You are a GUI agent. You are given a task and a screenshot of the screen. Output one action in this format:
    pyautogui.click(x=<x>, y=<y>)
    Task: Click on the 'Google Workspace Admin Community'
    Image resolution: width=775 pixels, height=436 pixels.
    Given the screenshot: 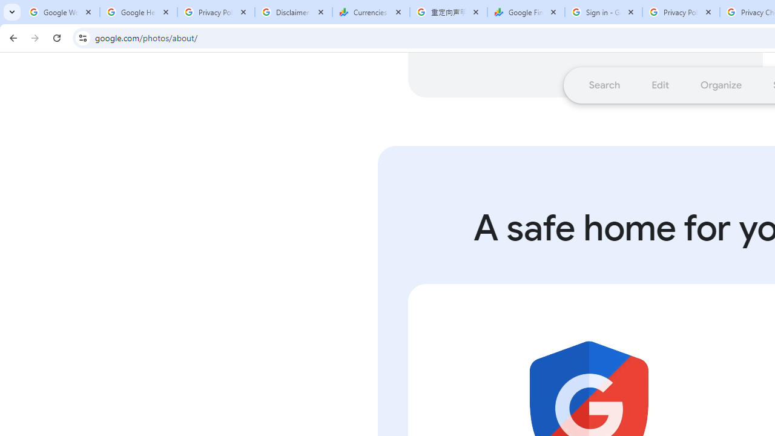 What is the action you would take?
    pyautogui.click(x=61, y=12)
    